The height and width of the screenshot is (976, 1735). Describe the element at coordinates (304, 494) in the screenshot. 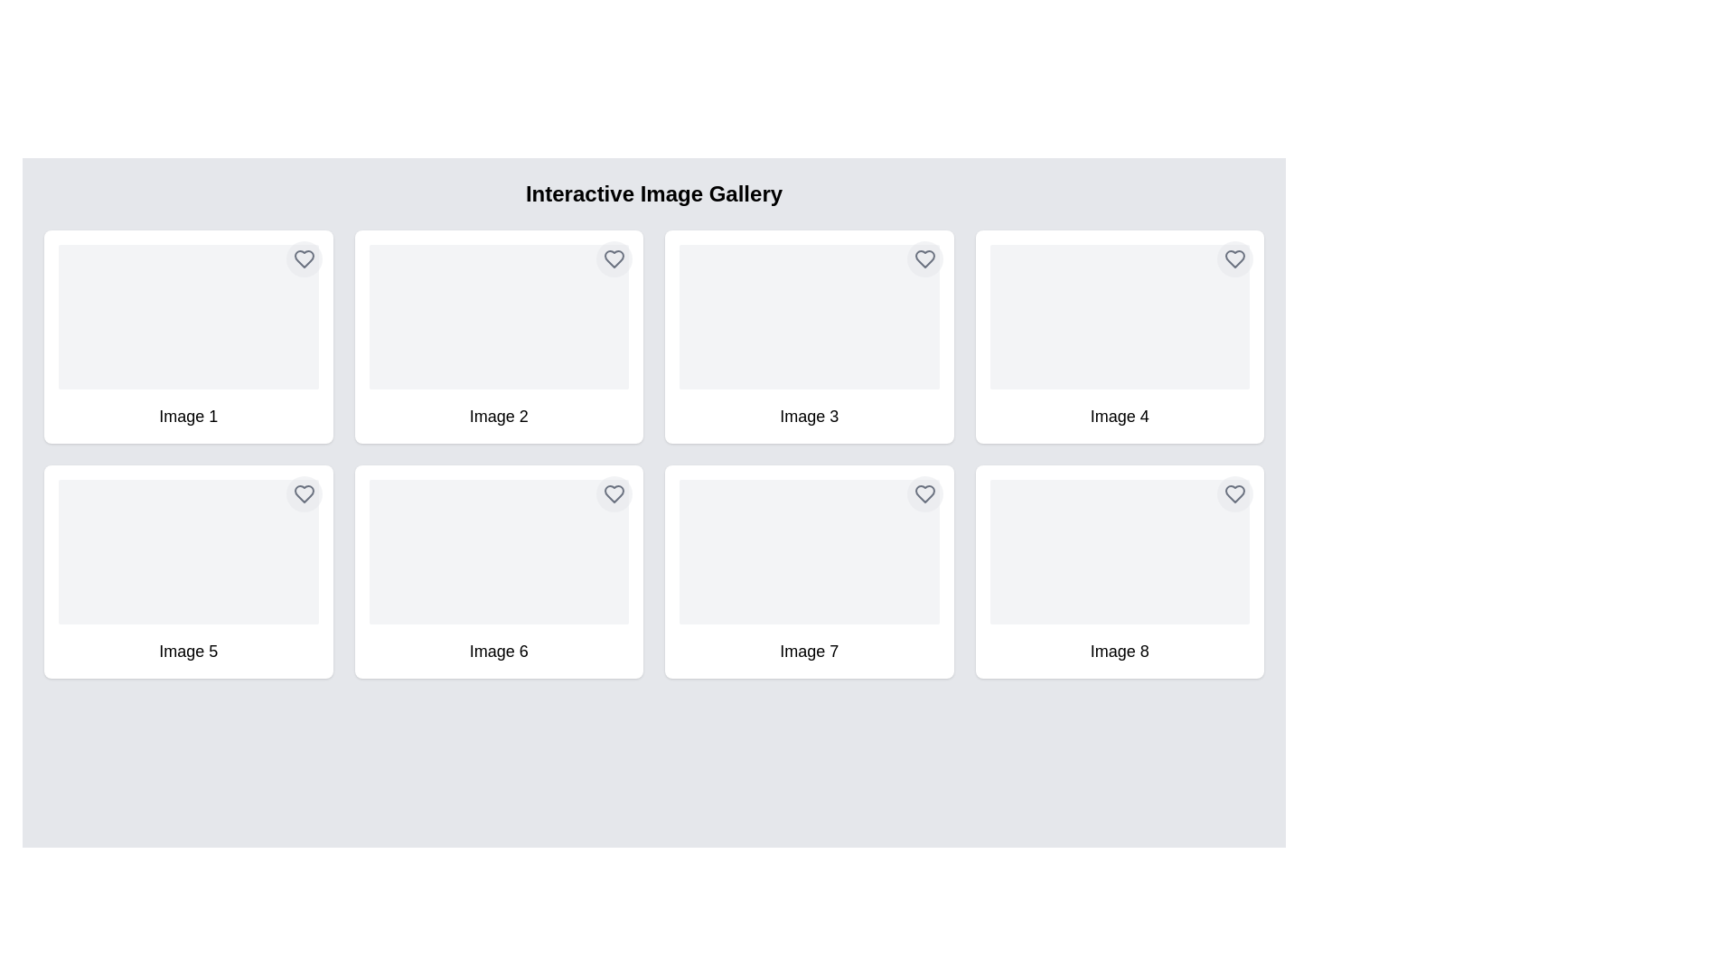

I see `the favorite/like button with an icon located in the top-right corner of the card labeled 'Image 5'` at that location.